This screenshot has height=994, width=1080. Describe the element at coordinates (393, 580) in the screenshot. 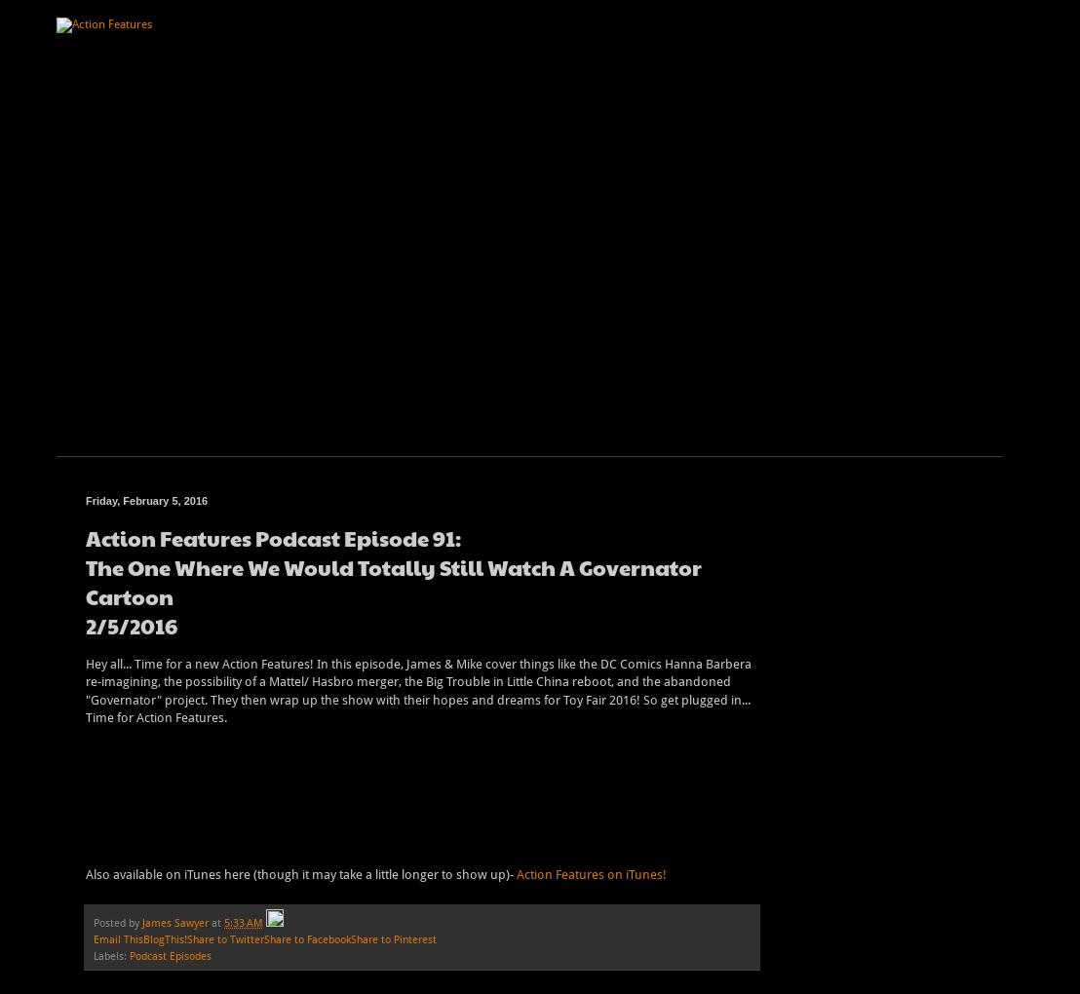

I see `'The One Where We Would Totally Still Watch A Governator Cartoon'` at that location.